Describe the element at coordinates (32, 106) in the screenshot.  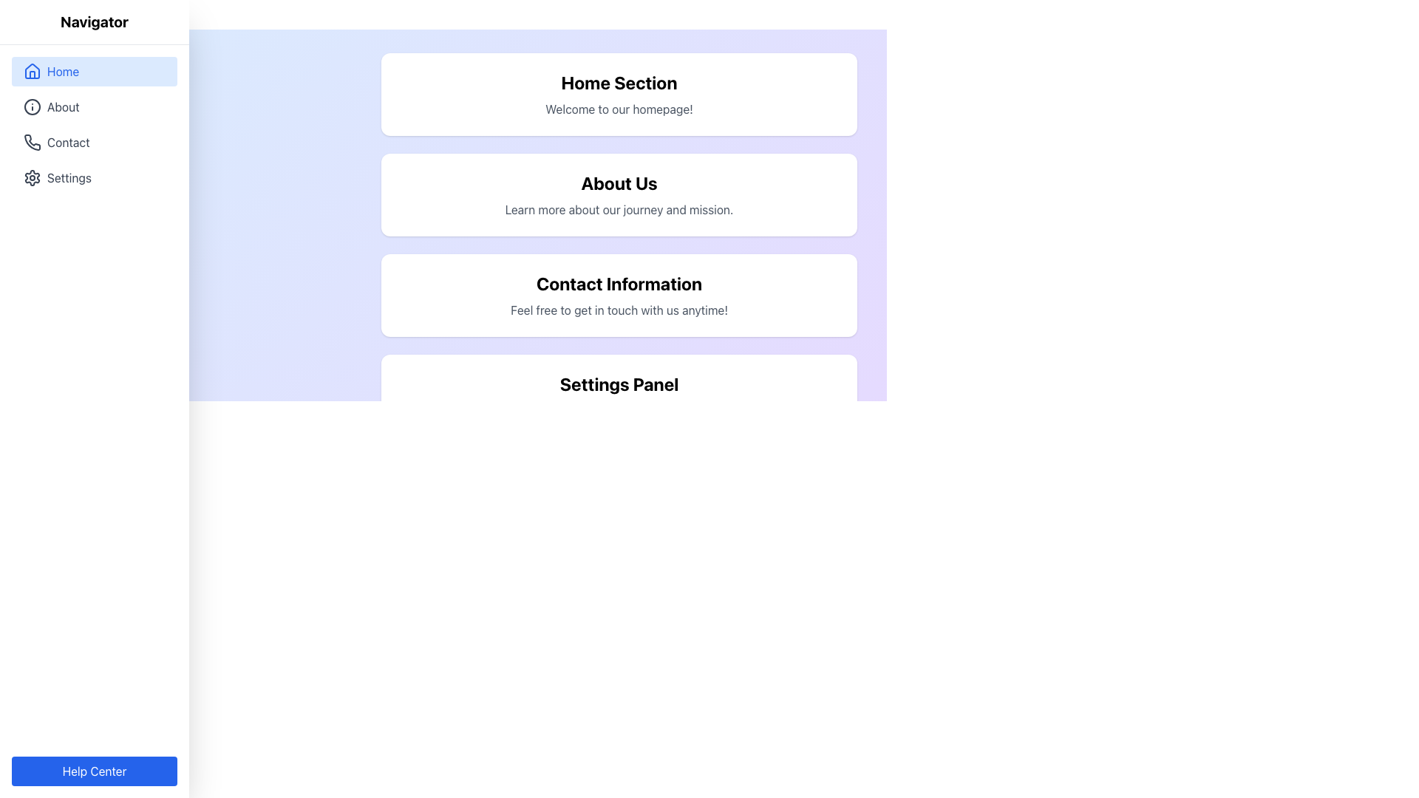
I see `the 'About' icon located in the vertical navigation sidebar, positioned to the left of the 'About' text` at that location.